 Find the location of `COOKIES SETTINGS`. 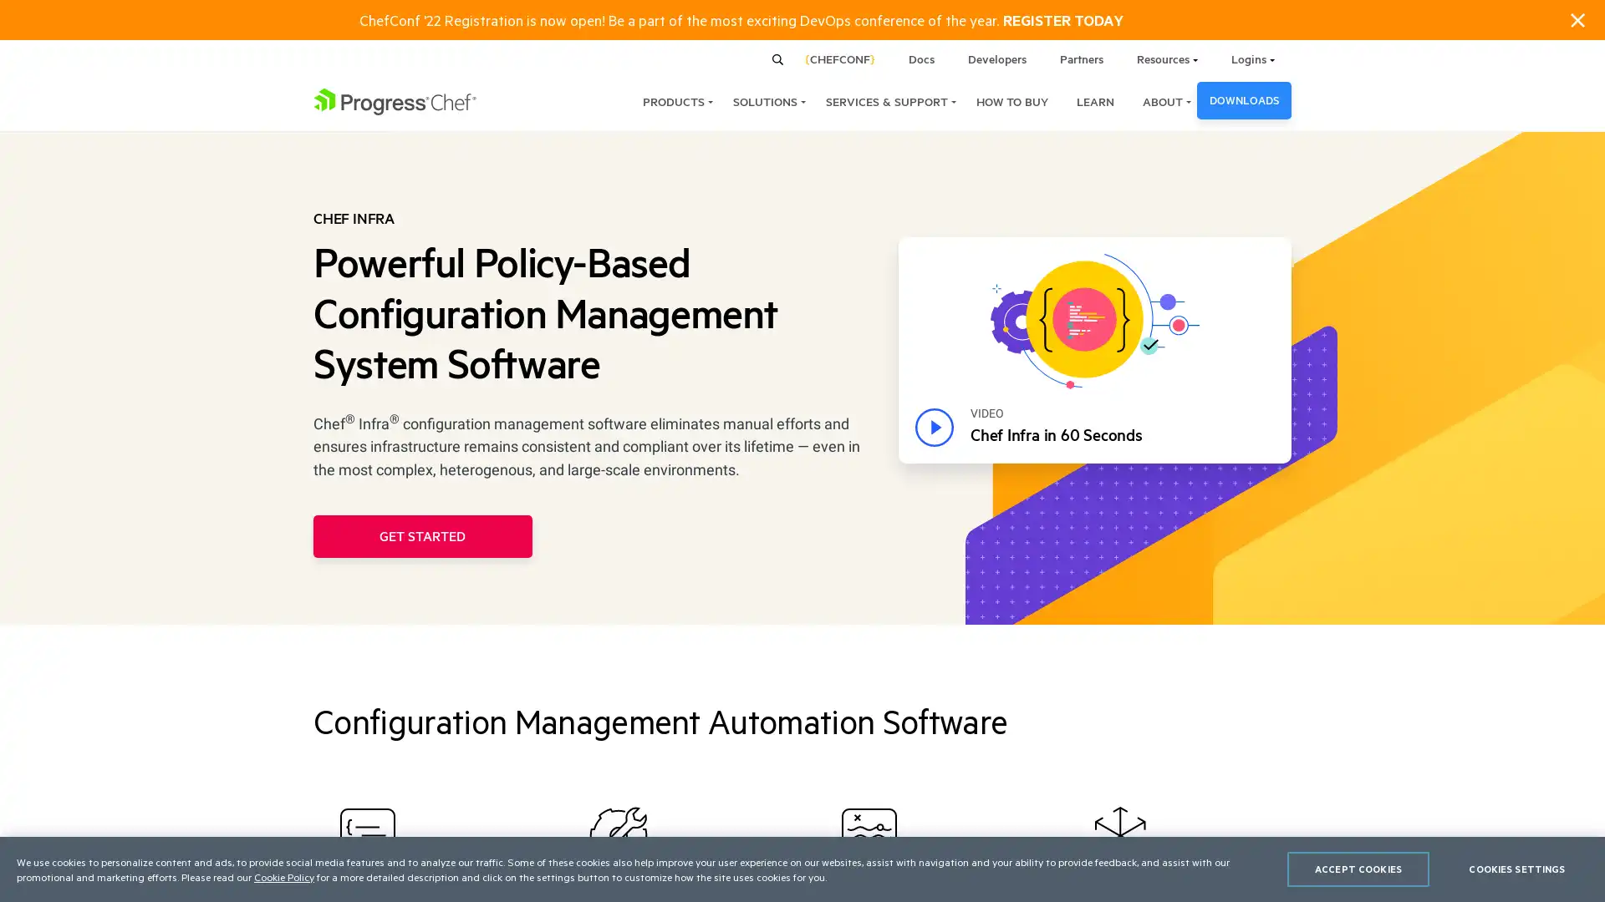

COOKIES SETTINGS is located at coordinates (1516, 869).